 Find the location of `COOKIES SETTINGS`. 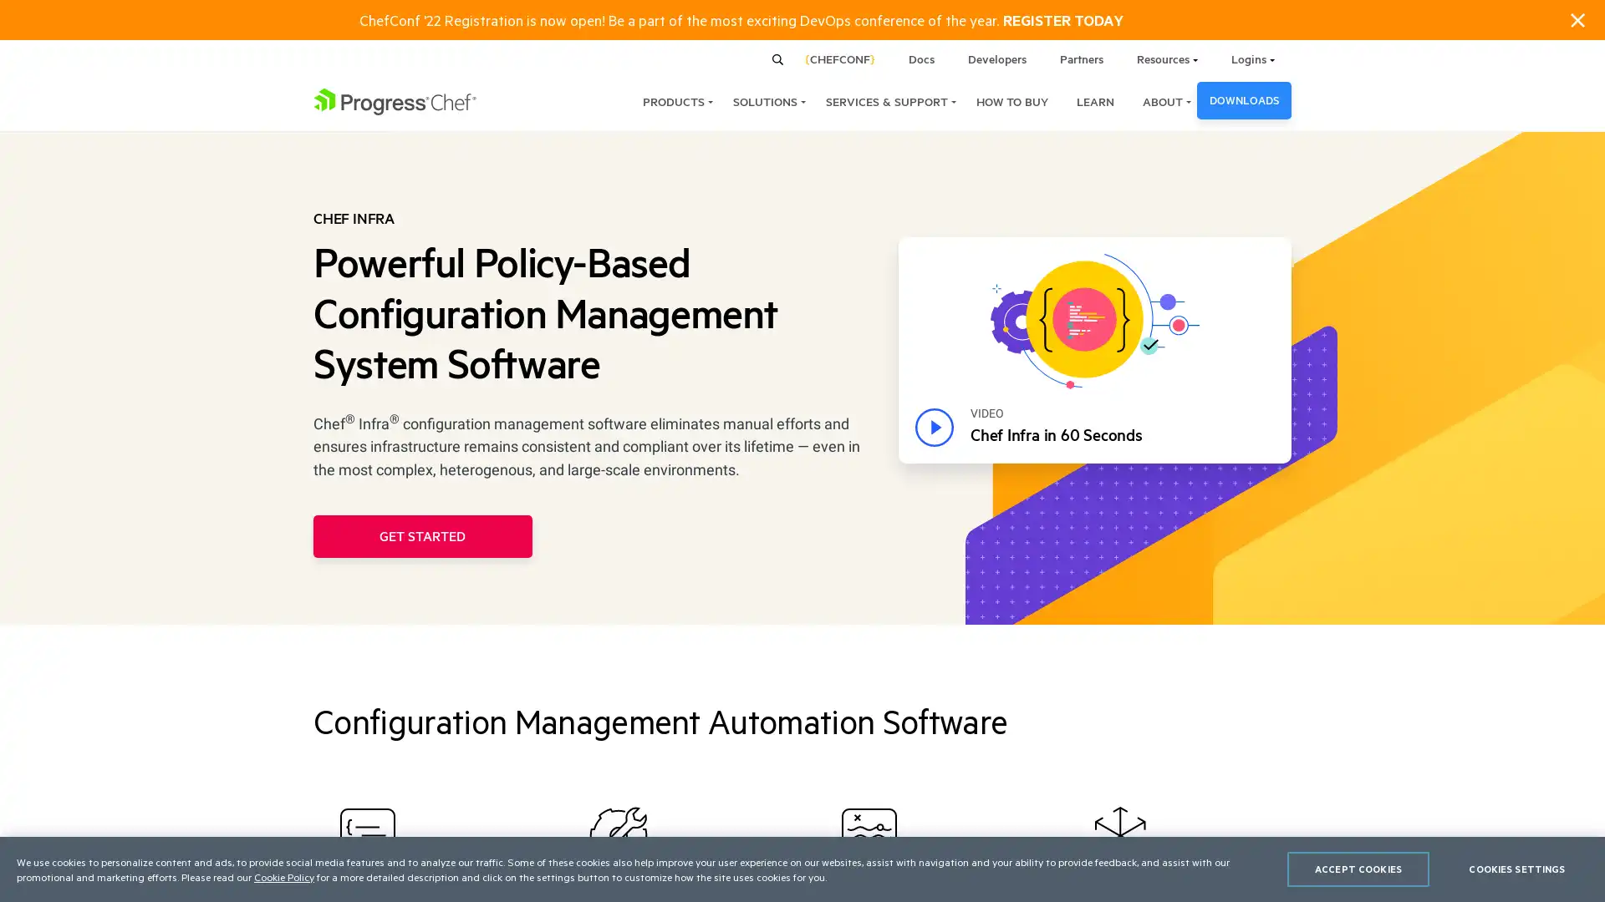

COOKIES SETTINGS is located at coordinates (1516, 869).